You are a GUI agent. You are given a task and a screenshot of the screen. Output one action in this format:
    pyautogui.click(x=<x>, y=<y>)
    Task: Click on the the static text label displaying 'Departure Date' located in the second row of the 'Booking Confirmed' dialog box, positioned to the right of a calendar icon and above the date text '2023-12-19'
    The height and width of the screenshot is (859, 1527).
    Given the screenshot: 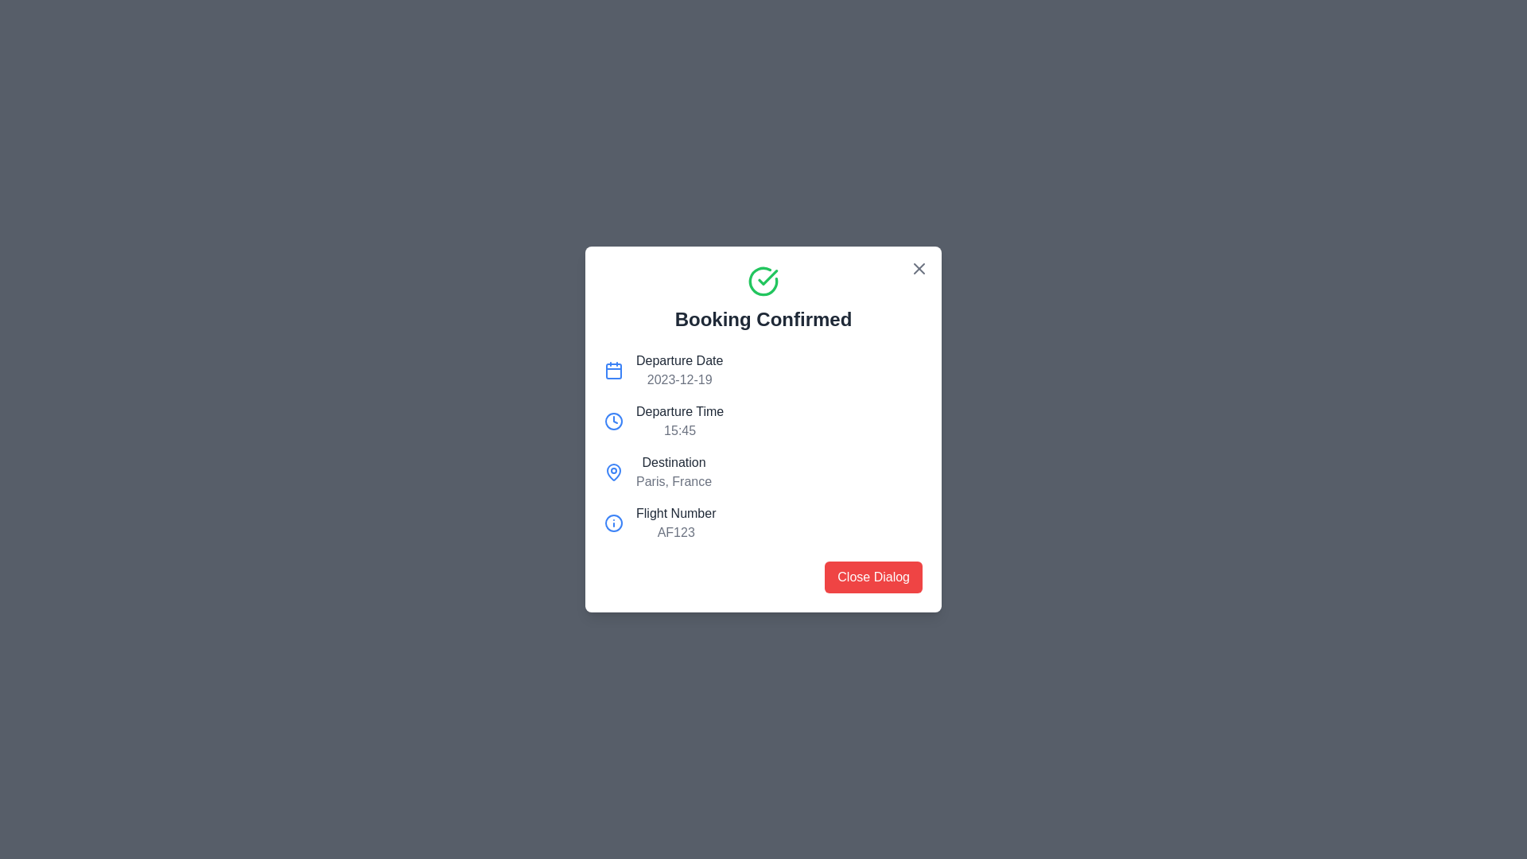 What is the action you would take?
    pyautogui.click(x=679, y=361)
    